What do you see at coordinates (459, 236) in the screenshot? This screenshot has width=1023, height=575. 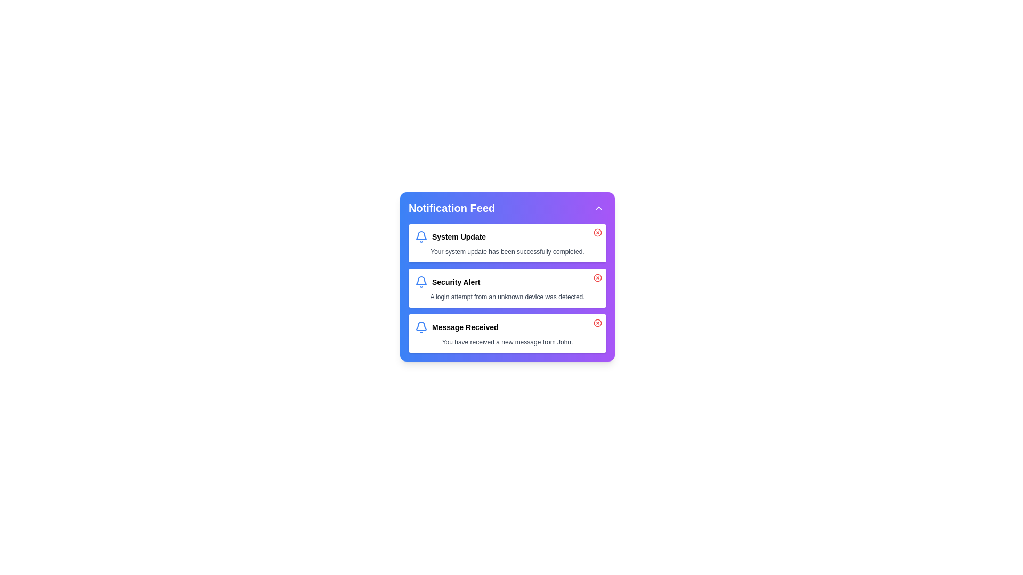 I see `on the 'System Update' text label located in the first notification card under 'Notification Feed', which is styled in bold and slightly smaller font` at bounding box center [459, 236].